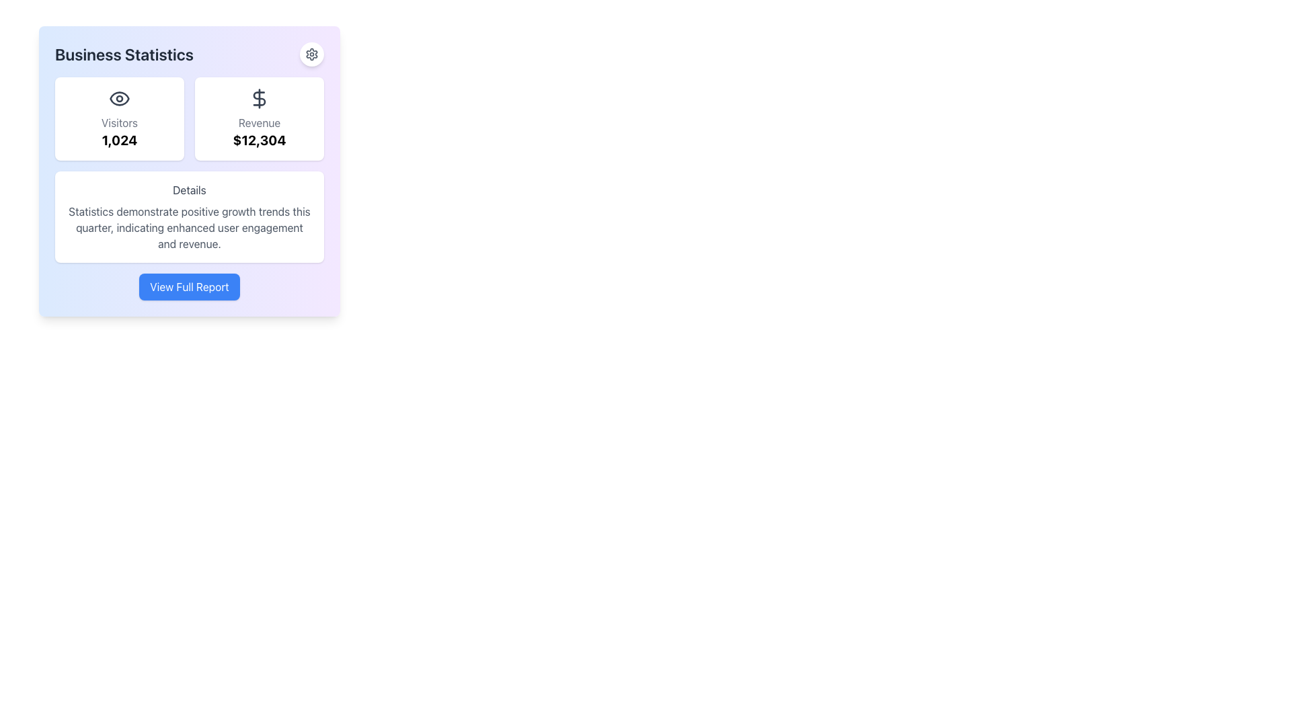 The height and width of the screenshot is (726, 1291). I want to click on the bold, large text label displaying the number '1,024' in black font, which is located beneath the text 'Visitors' in the statistics section, so click(119, 140).